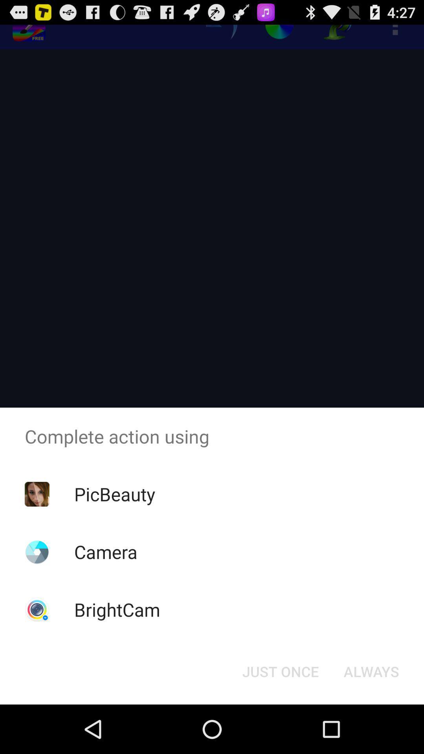 Image resolution: width=424 pixels, height=754 pixels. Describe the element at coordinates (280, 671) in the screenshot. I see `the item to the left of always icon` at that location.